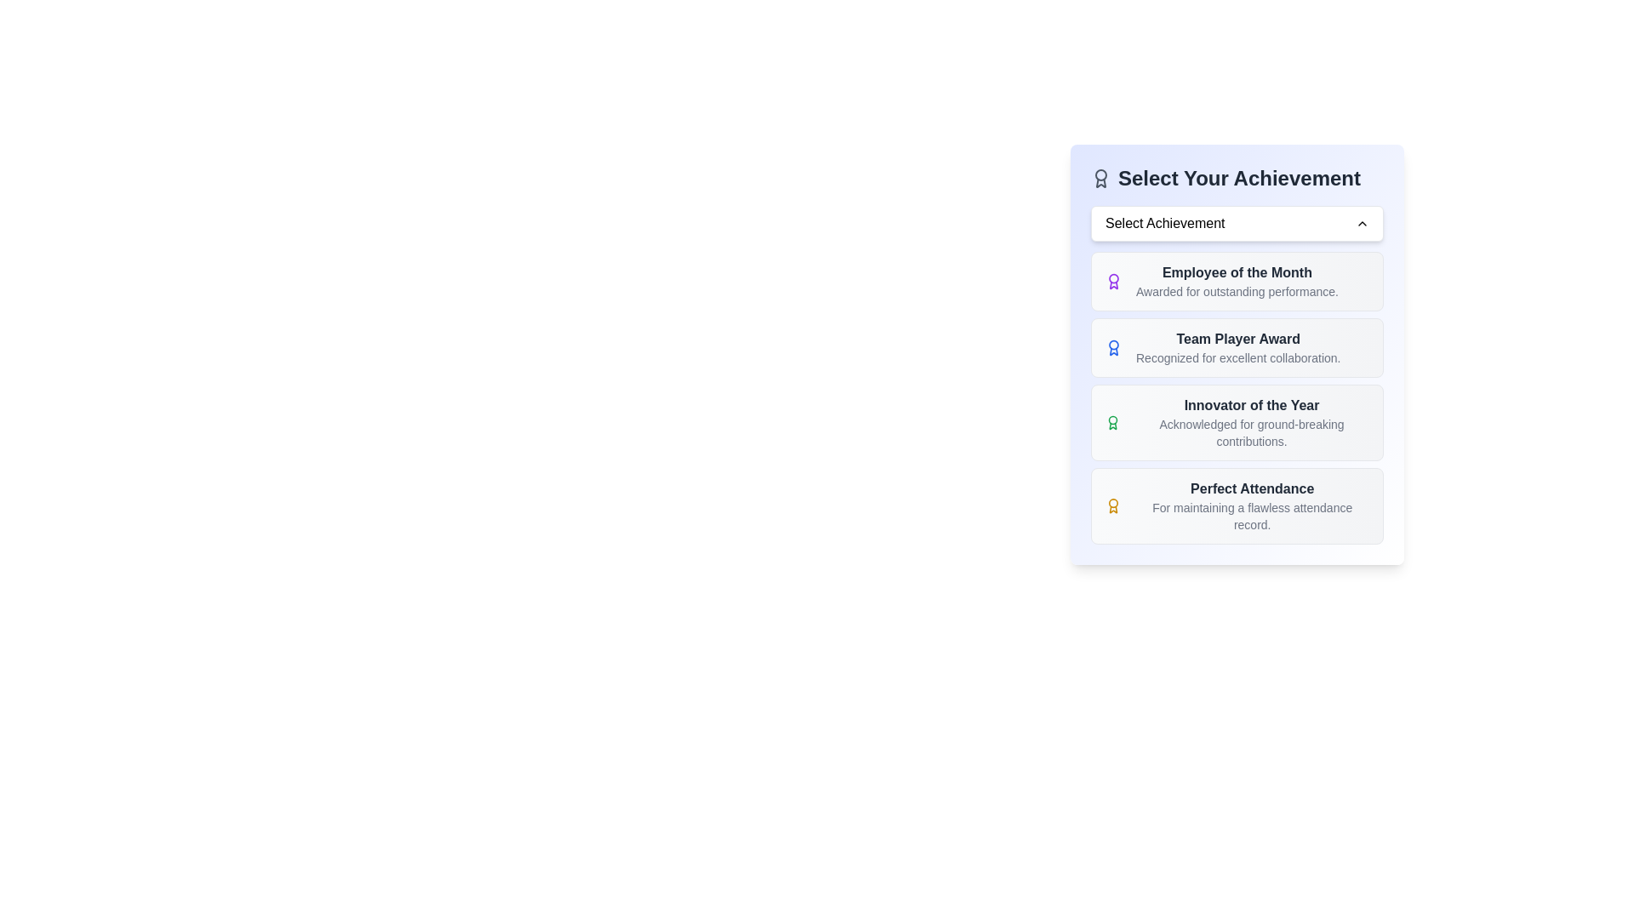  I want to click on the descriptive text label providing additional information about the 'Perfect Attendance' achievement, which is positioned directly below the 'Perfect Attendance' label in the card interface, so click(1252, 515).